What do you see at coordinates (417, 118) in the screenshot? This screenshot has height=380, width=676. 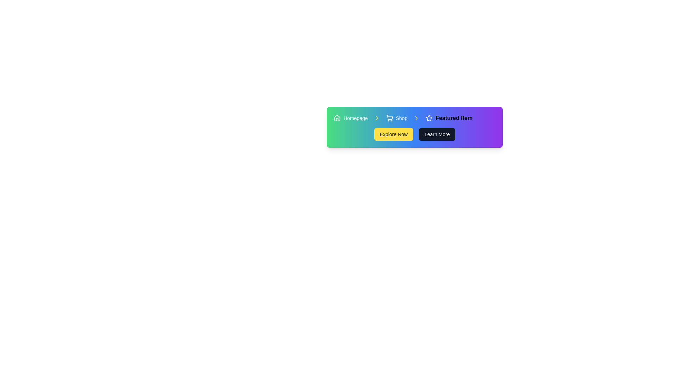 I see `the rightward-facing chevron icon` at bounding box center [417, 118].